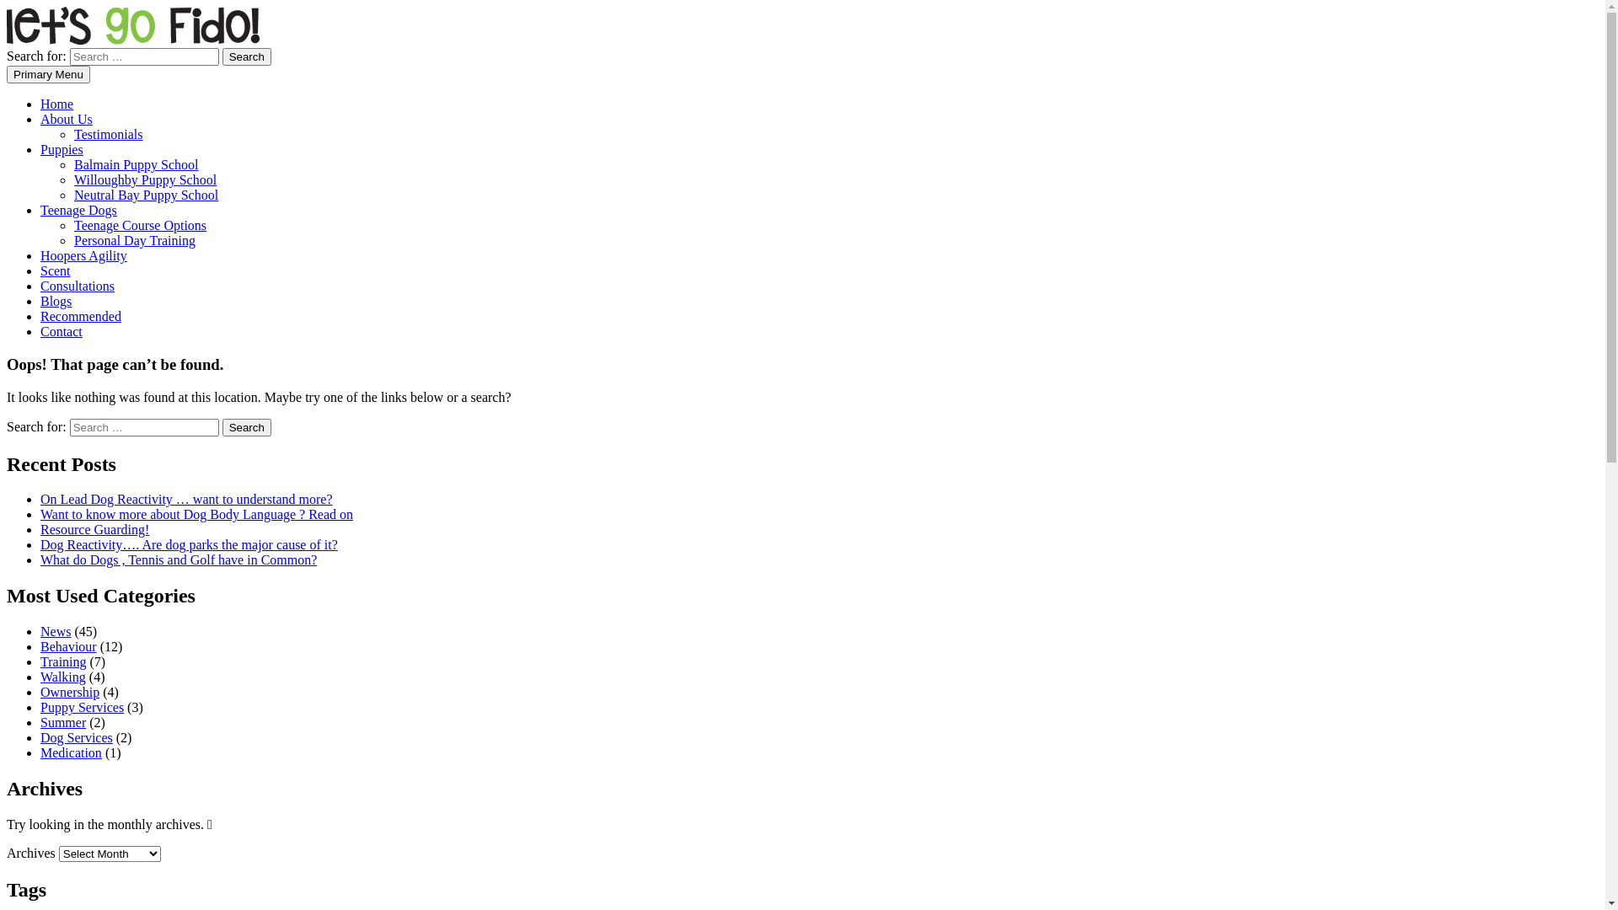 This screenshot has height=910, width=1618. What do you see at coordinates (83, 255) in the screenshot?
I see `'Hoopers Agility'` at bounding box center [83, 255].